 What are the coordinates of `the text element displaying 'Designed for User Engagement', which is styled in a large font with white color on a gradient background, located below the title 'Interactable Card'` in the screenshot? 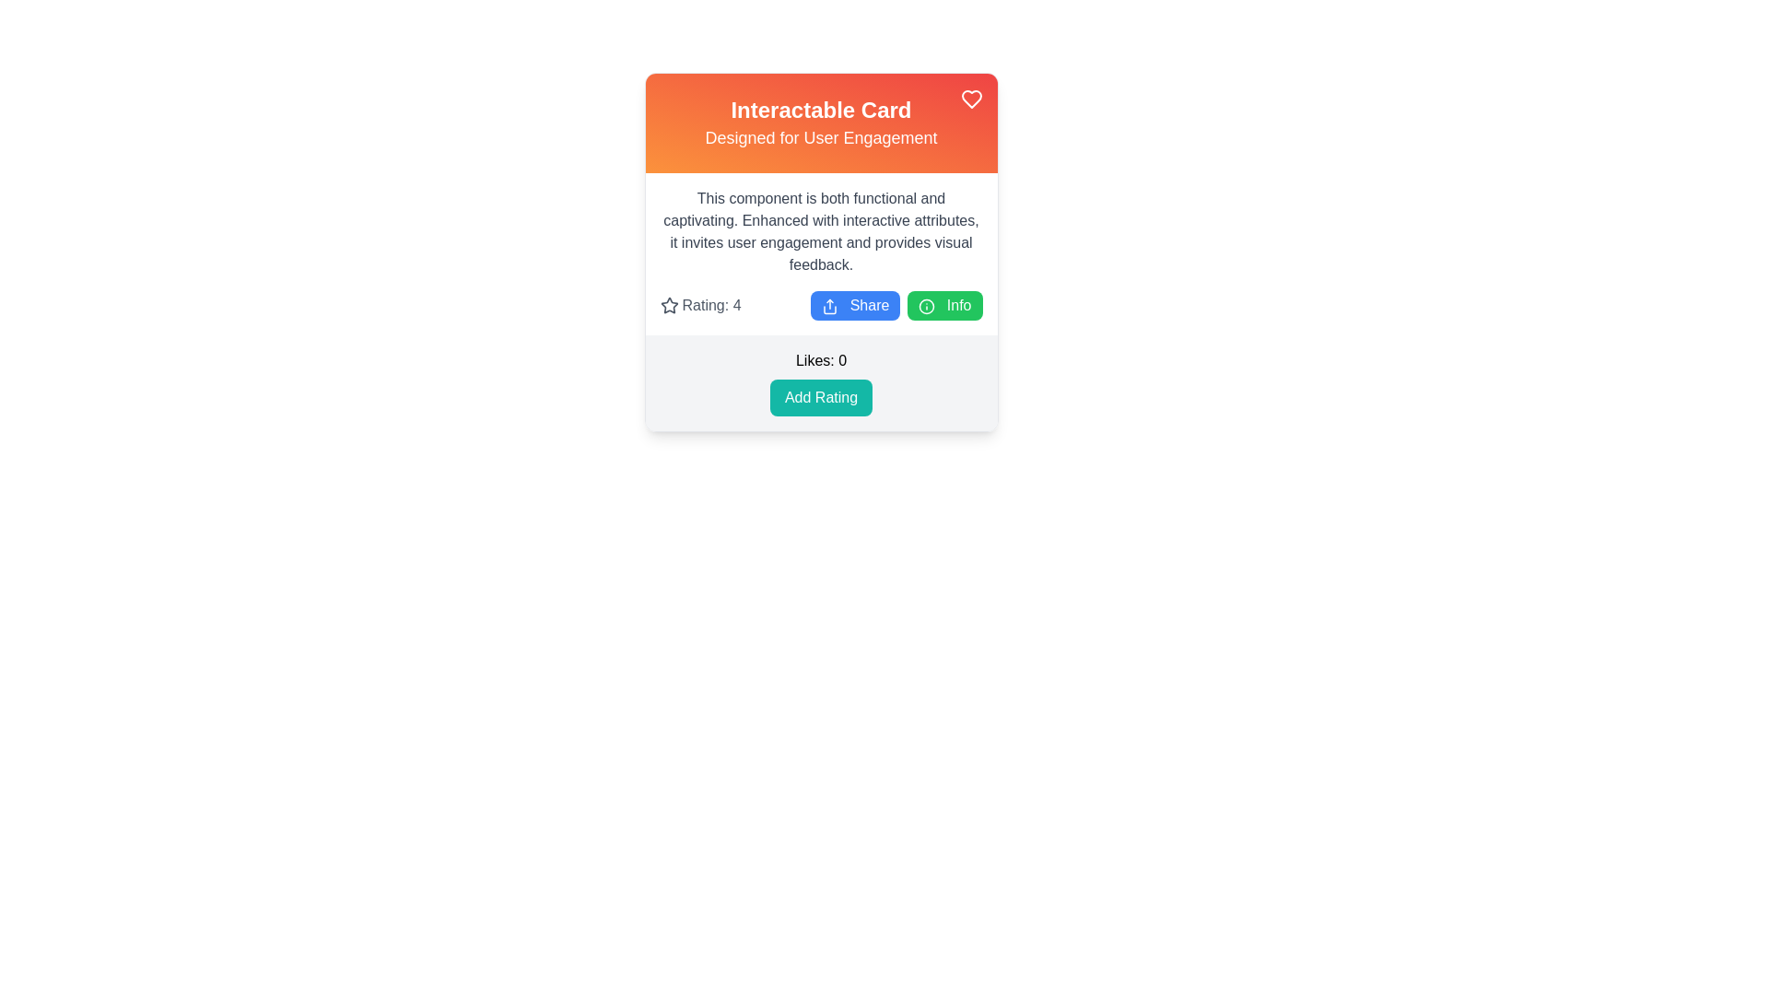 It's located at (820, 137).